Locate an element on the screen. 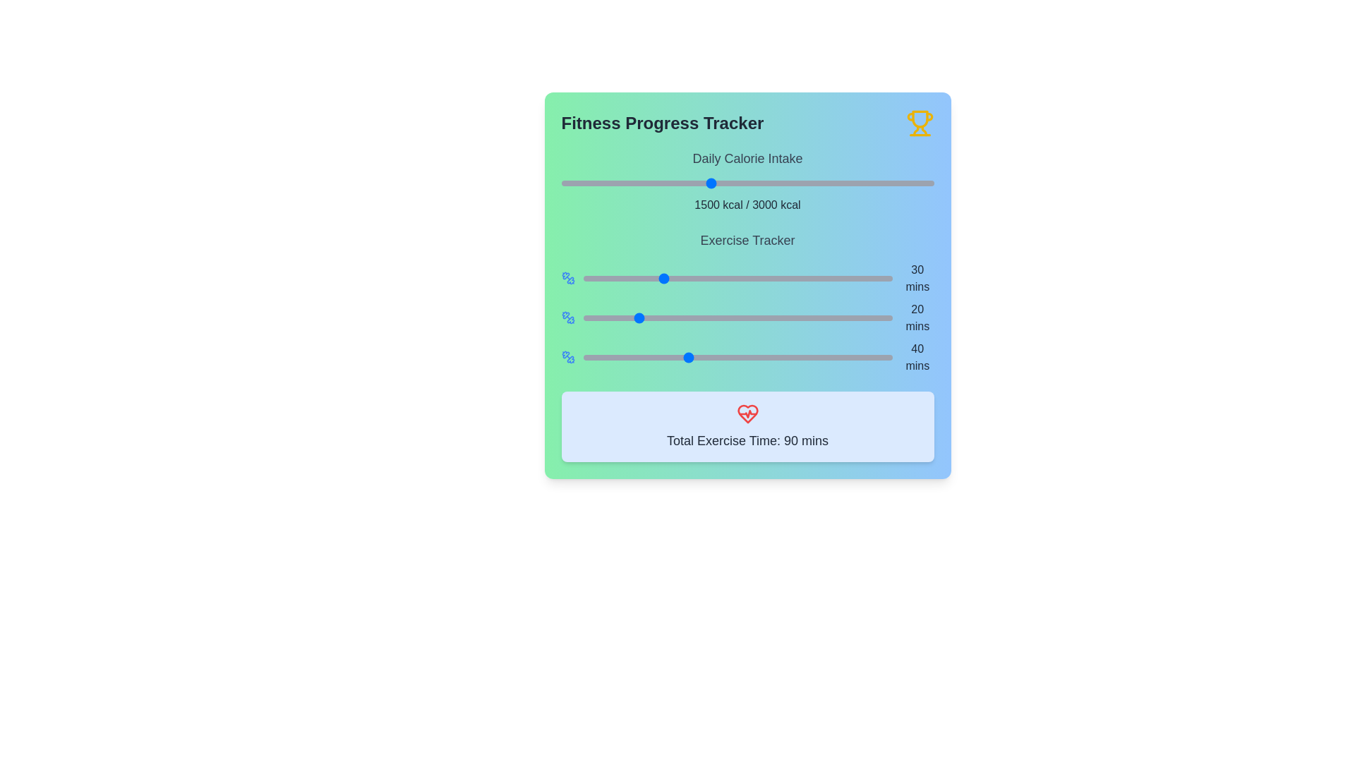 The width and height of the screenshot is (1355, 762). daily calorie intake is located at coordinates (829, 182).